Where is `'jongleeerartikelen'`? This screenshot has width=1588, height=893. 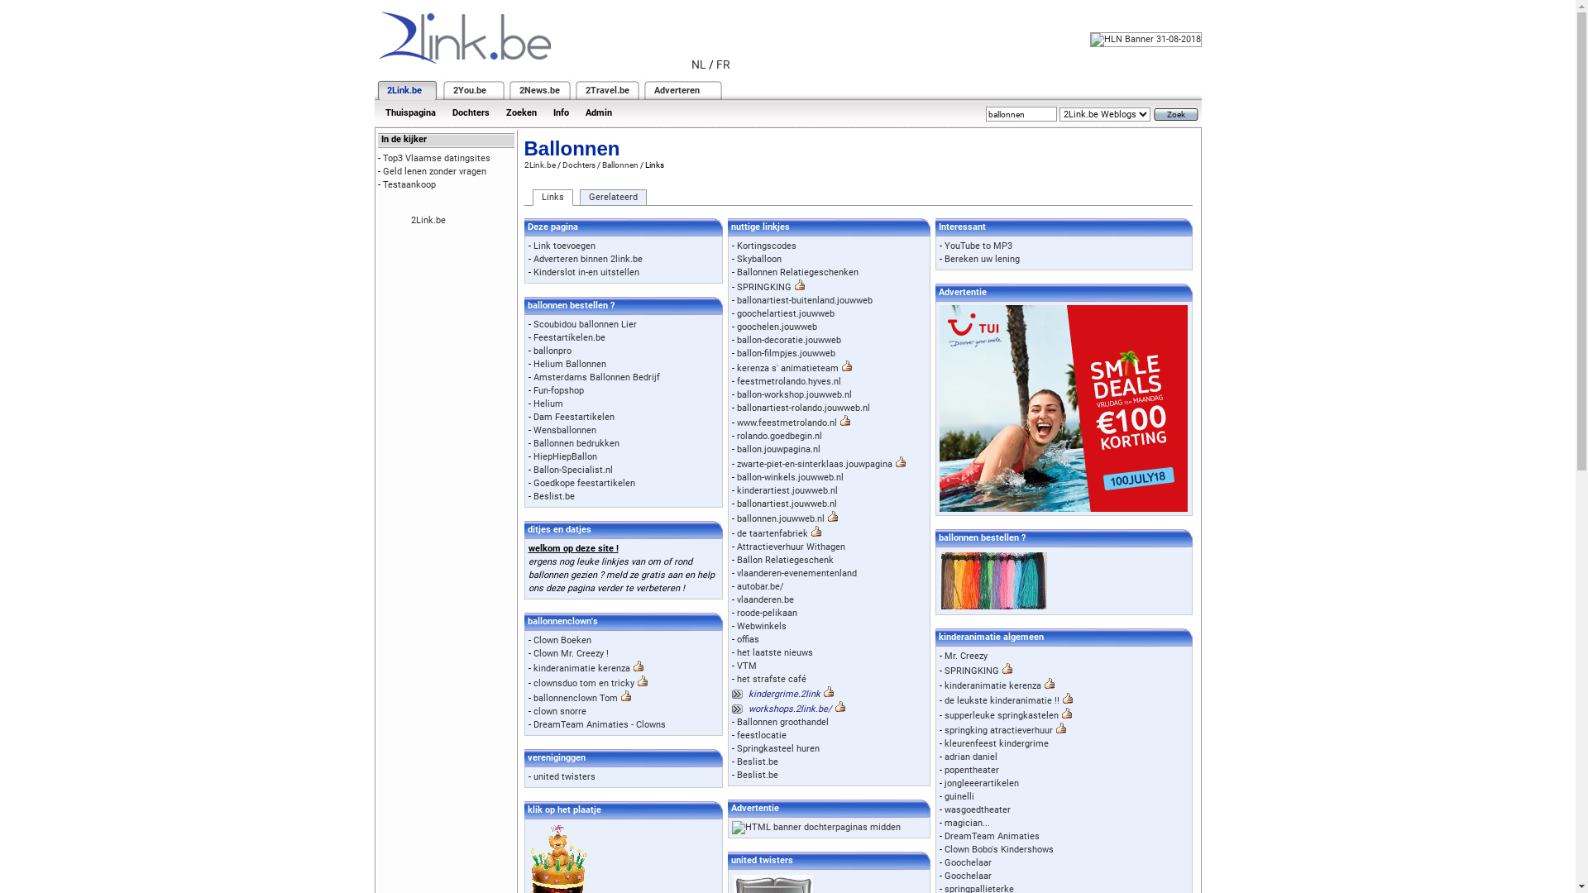 'jongleeerartikelen' is located at coordinates (945, 782).